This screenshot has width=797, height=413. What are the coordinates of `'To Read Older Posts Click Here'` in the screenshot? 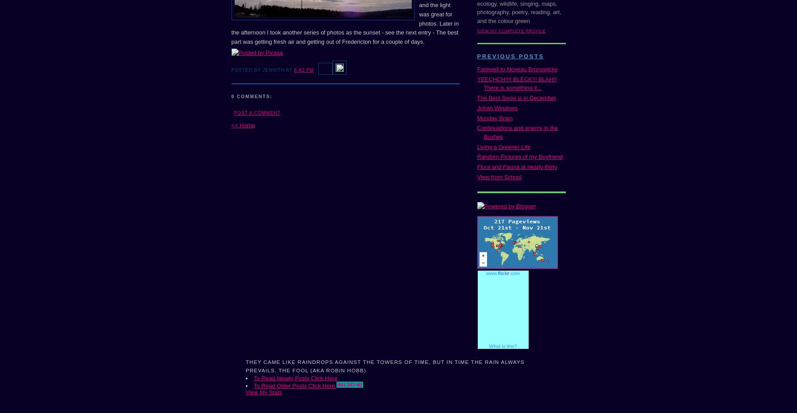 It's located at (295, 385).